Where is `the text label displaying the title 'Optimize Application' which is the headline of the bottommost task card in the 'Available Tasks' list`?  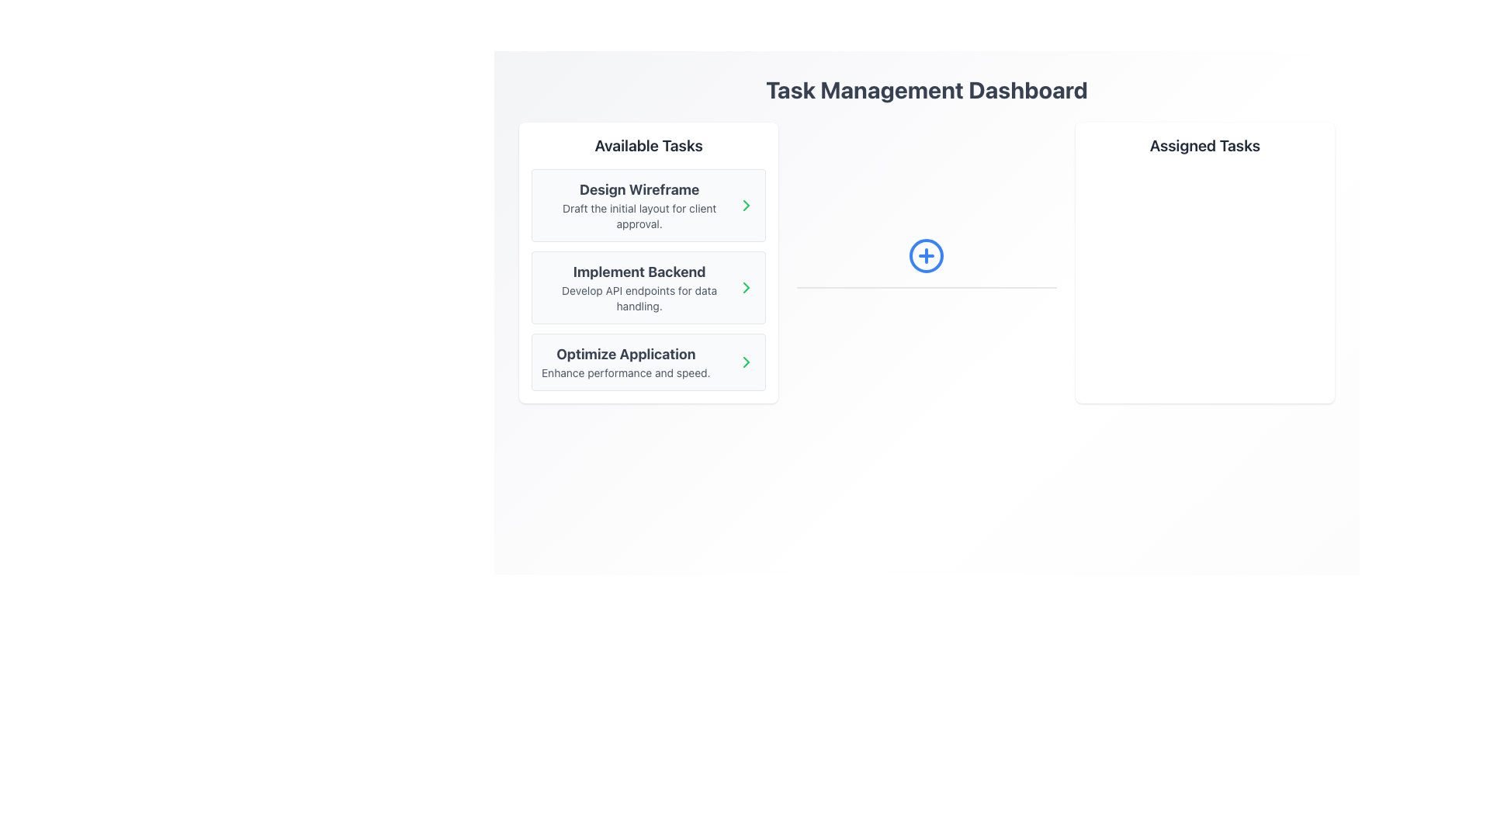 the text label displaying the title 'Optimize Application' which is the headline of the bottommost task card in the 'Available Tasks' list is located at coordinates (625, 354).